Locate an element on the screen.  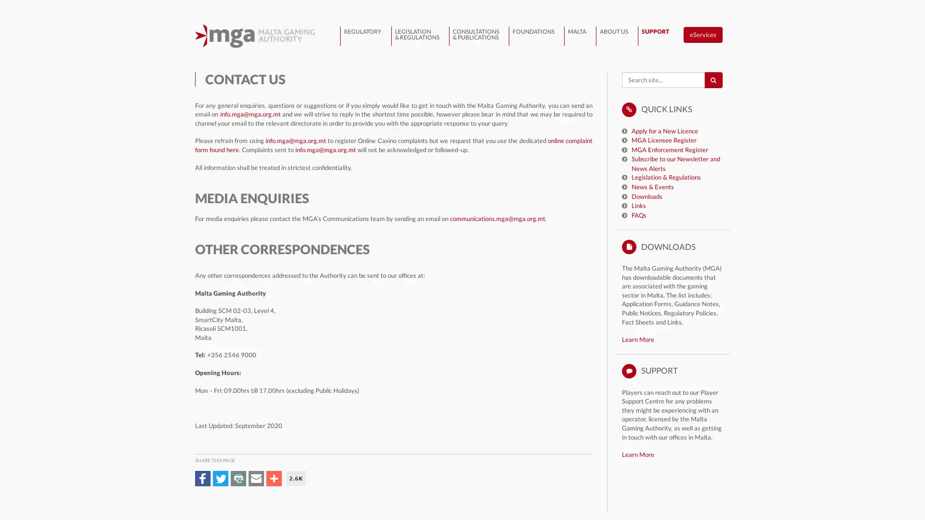
Share to Twitter is located at coordinates (220, 479).